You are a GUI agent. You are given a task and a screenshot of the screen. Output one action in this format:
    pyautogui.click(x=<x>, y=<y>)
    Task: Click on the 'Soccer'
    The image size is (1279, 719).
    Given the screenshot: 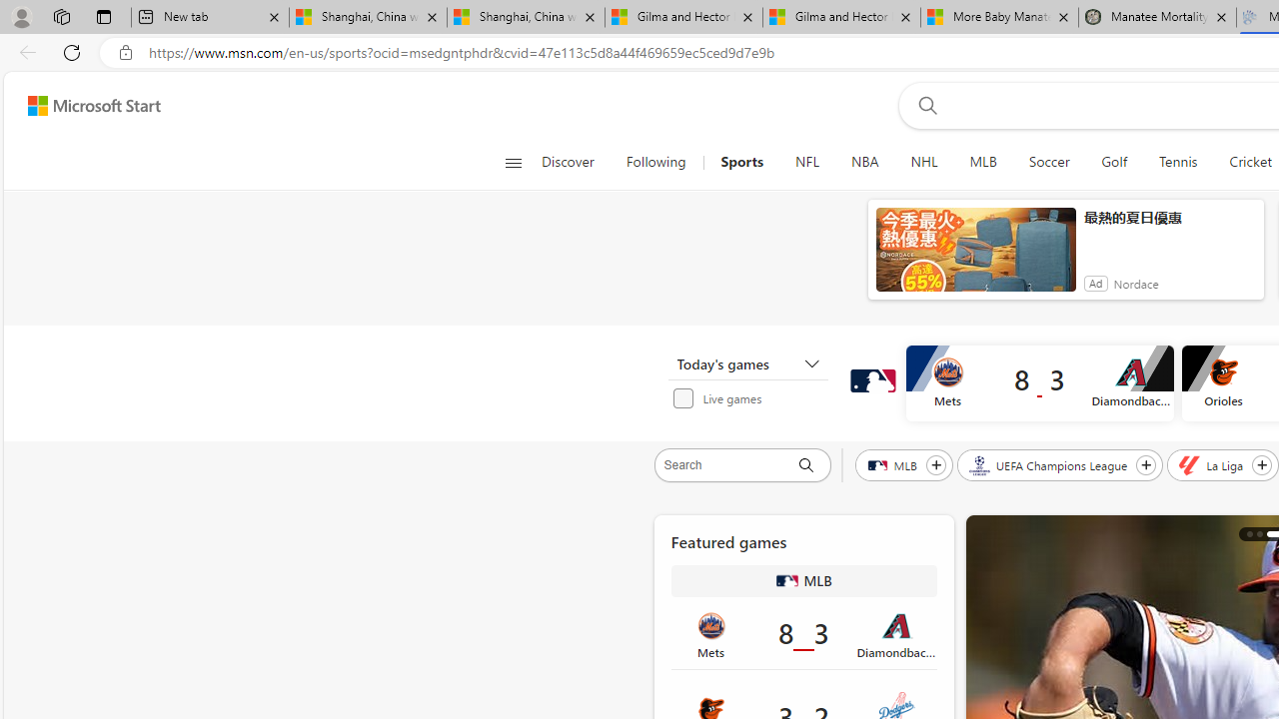 What is the action you would take?
    pyautogui.click(x=1047, y=162)
    